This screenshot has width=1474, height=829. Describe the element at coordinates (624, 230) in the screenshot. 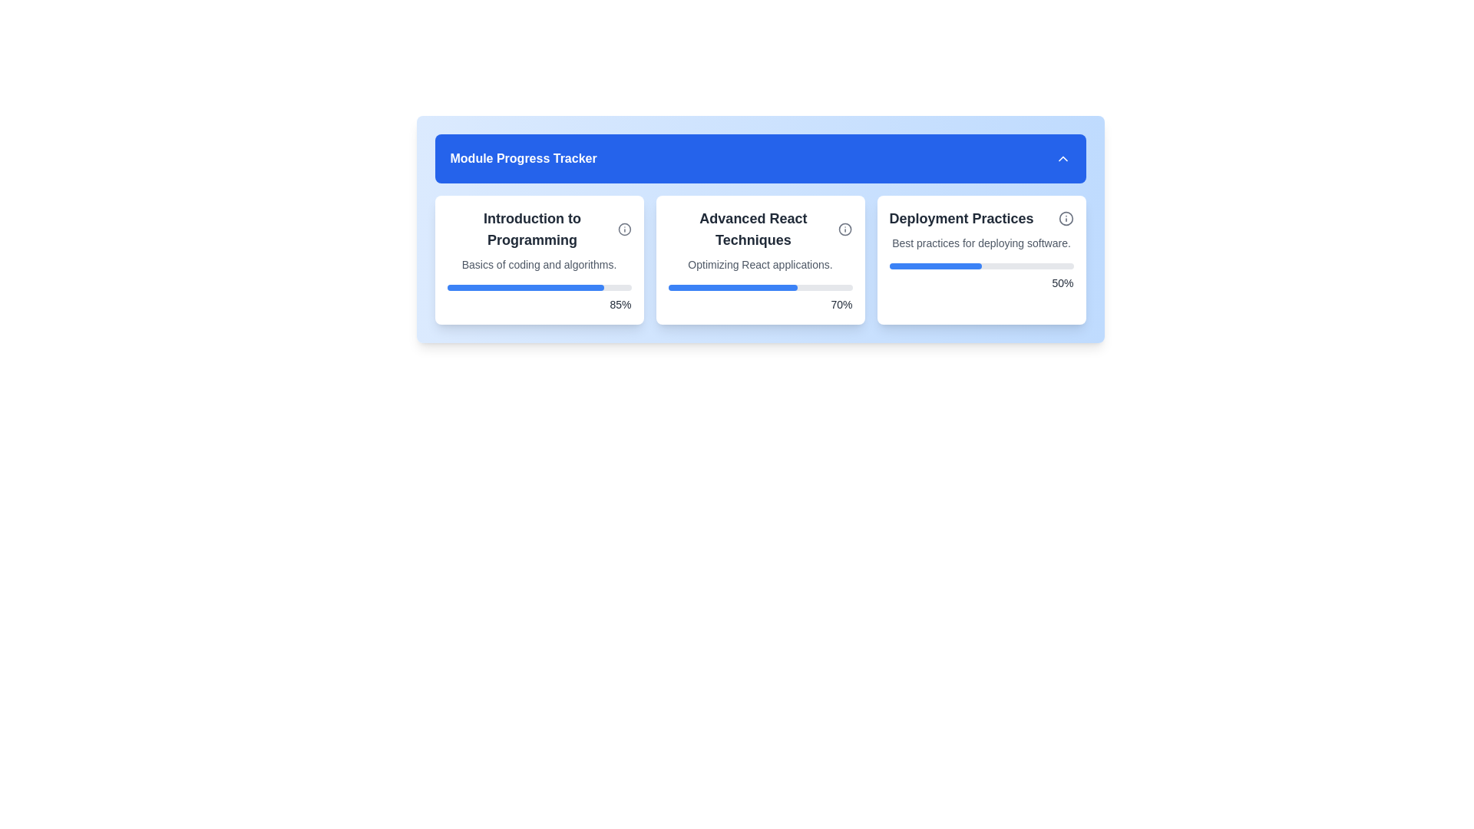

I see `the information indicator icon located at the top-right corner of the 'Introduction to Programming' card, adjacent to the title text` at that location.